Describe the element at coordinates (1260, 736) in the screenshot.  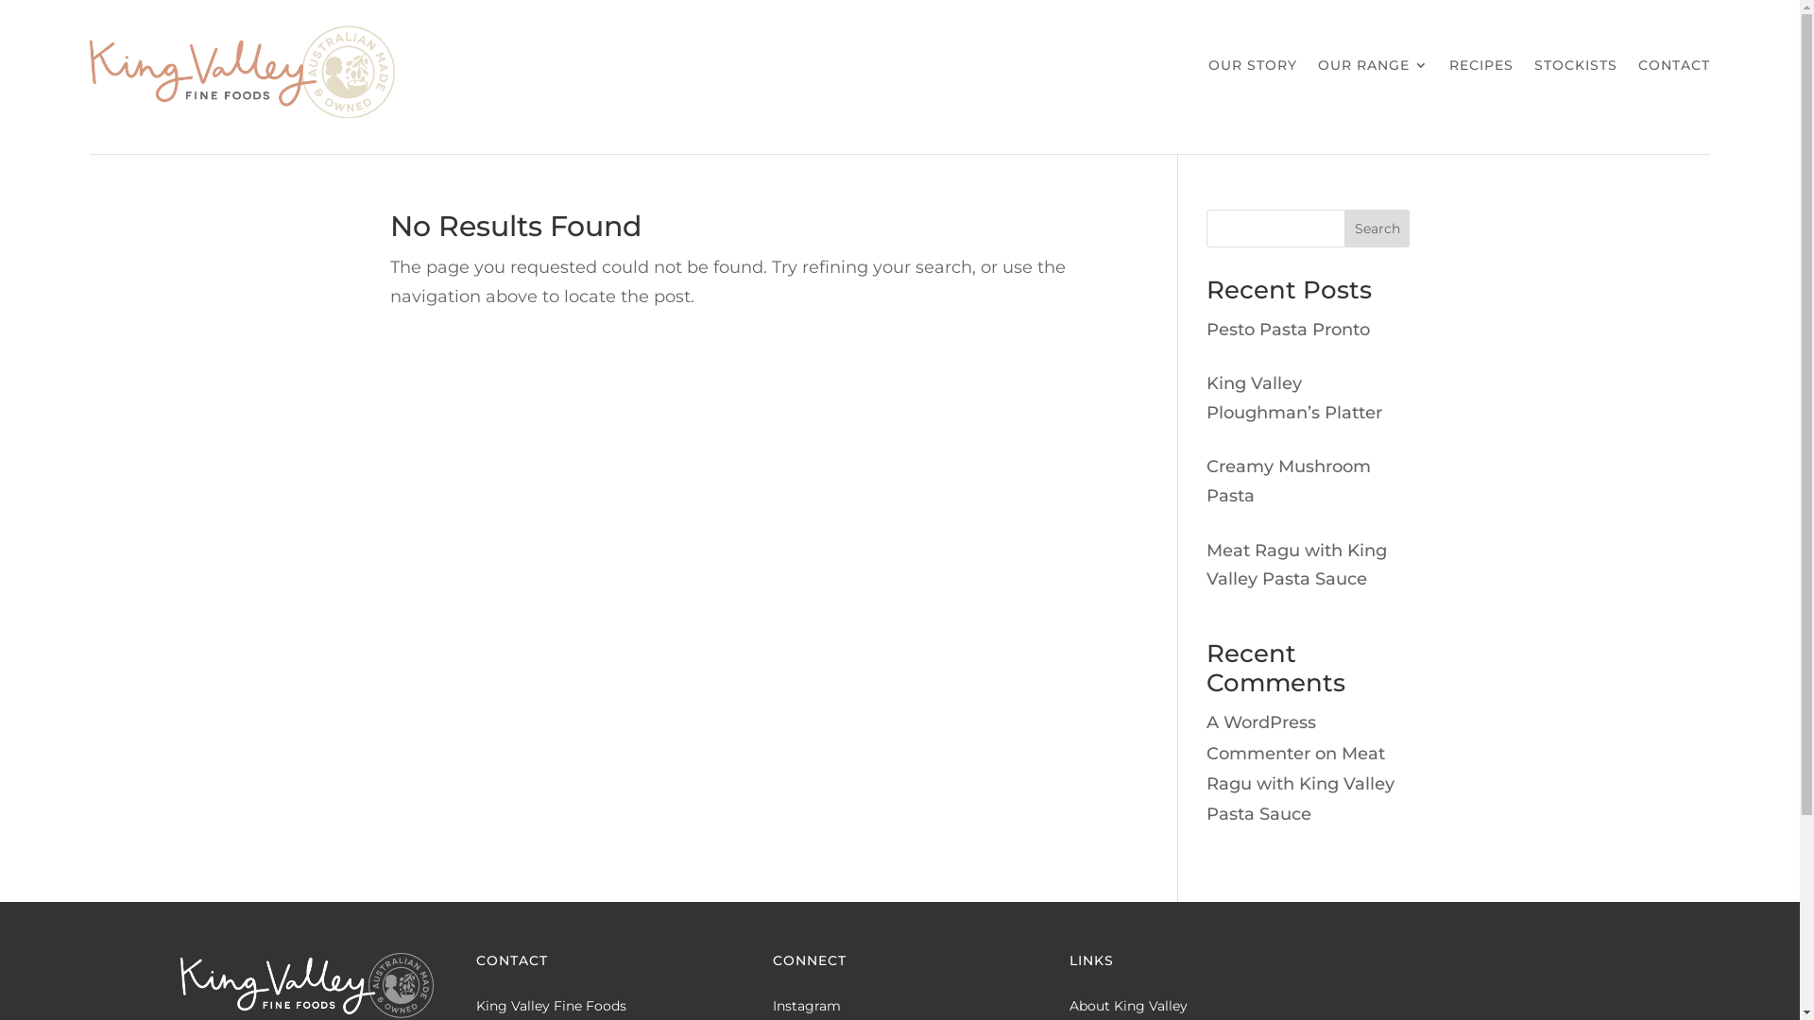
I see `'A WordPress Commenter'` at that location.